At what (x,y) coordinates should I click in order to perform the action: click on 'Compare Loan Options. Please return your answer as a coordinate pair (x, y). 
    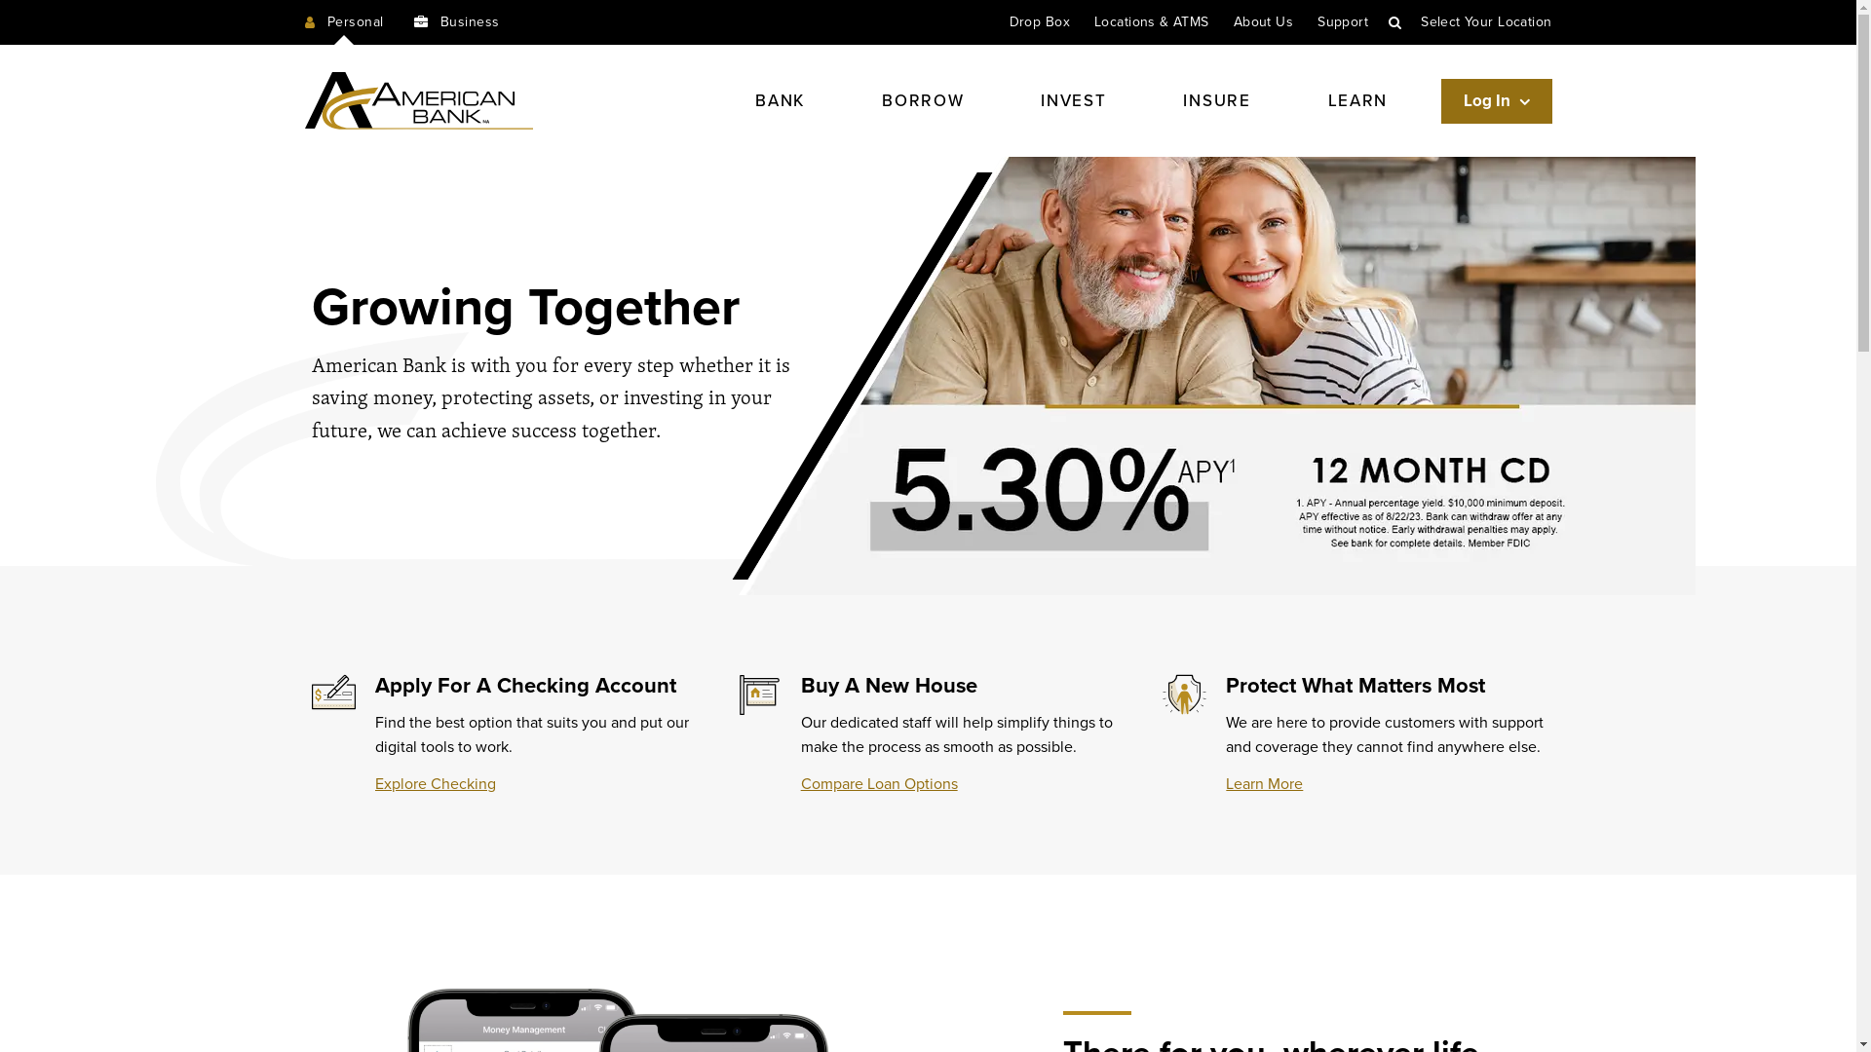
    Looking at the image, I should click on (878, 783).